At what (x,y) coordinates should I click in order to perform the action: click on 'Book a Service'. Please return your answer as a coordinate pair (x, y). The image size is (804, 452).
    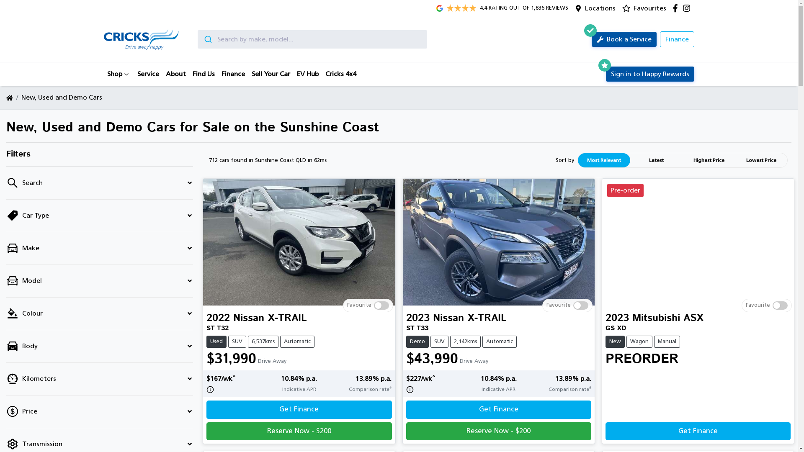
    Looking at the image, I should click on (624, 39).